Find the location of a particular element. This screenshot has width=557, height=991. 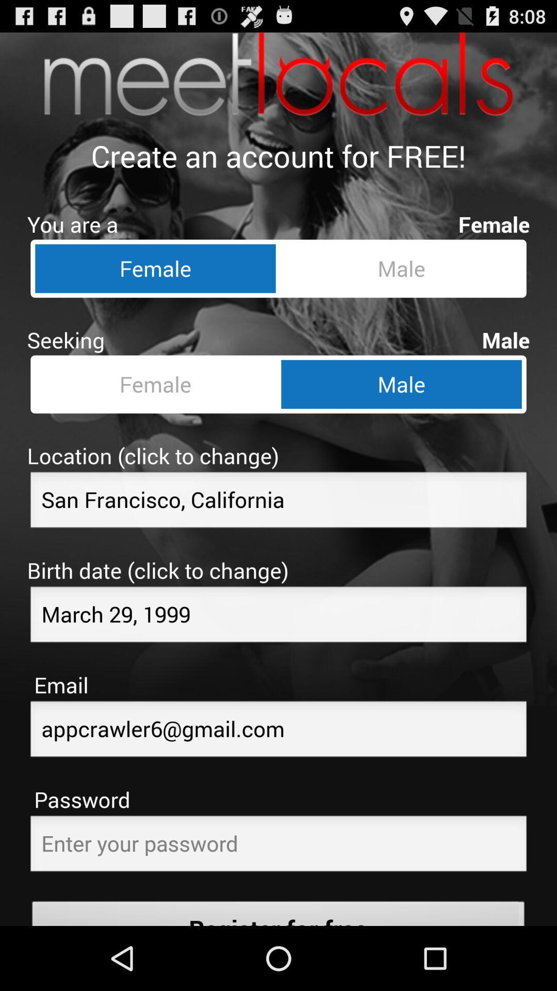

your password is located at coordinates (278, 846).